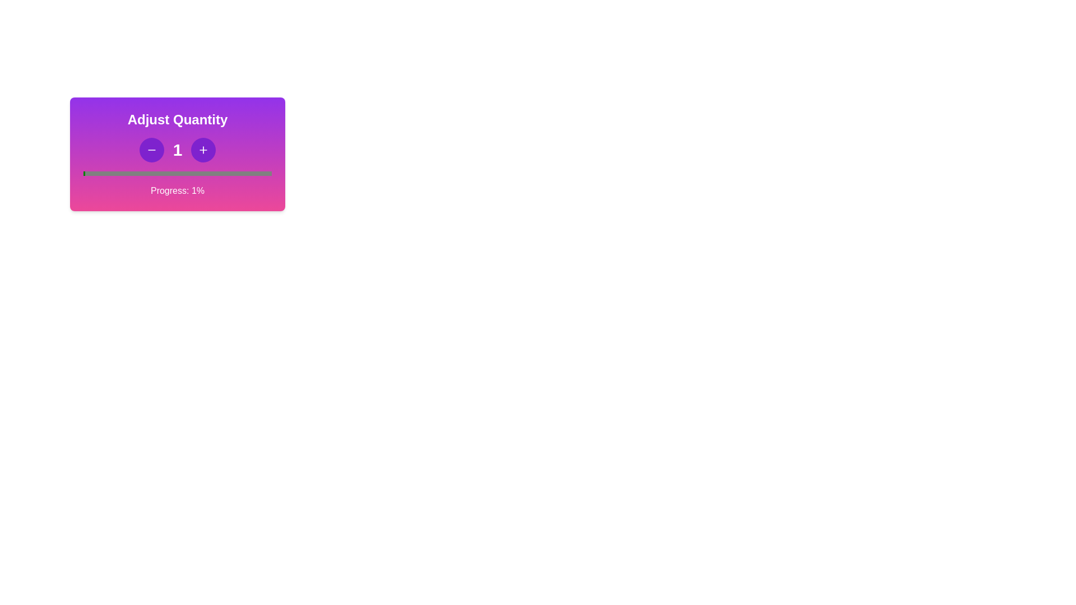 The image size is (1076, 605). What do you see at coordinates (177, 149) in the screenshot?
I see `the numerical digit displayed in large and bold font, which is centrally positioned between the minus and plus buttons in a purple background` at bounding box center [177, 149].